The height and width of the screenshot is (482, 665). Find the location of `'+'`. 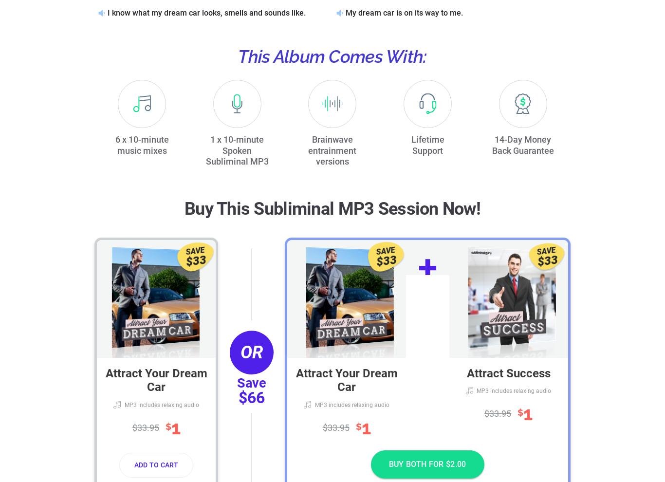

'+' is located at coordinates (417, 267).